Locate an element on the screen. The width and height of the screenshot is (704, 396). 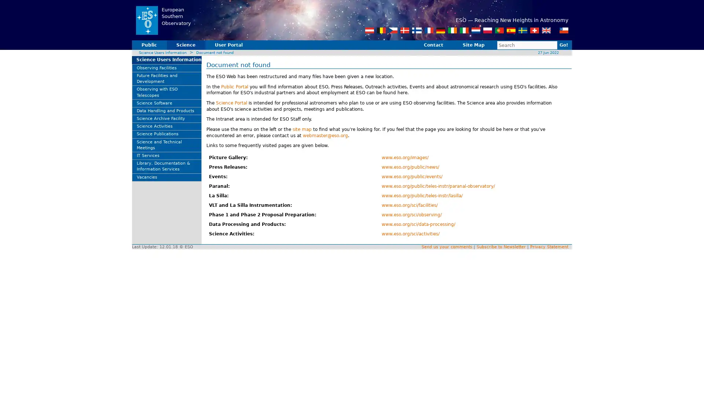
Go! is located at coordinates (563, 45).